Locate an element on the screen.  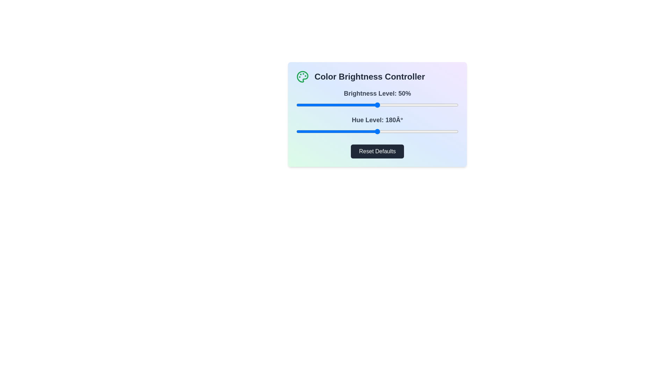
the hue level to 98° by interacting with the hue slider is located at coordinates (340, 132).